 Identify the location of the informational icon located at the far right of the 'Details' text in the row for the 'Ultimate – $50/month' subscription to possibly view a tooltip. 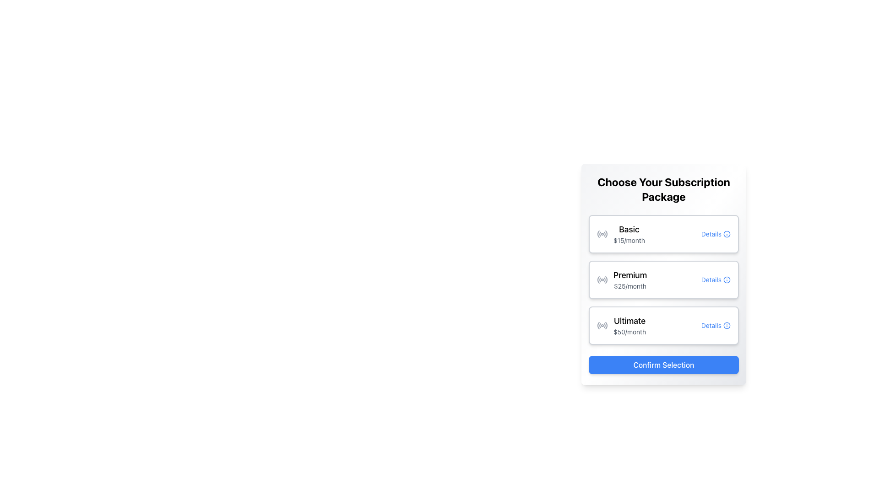
(727, 325).